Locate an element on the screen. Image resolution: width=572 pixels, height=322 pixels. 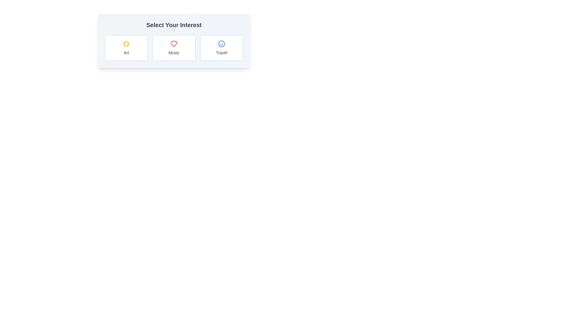
the golden-yellow star icon, which is the first icon in the 'Select Your Interest' section, positioned to the left of a heart and a smiley face icon is located at coordinates (126, 43).